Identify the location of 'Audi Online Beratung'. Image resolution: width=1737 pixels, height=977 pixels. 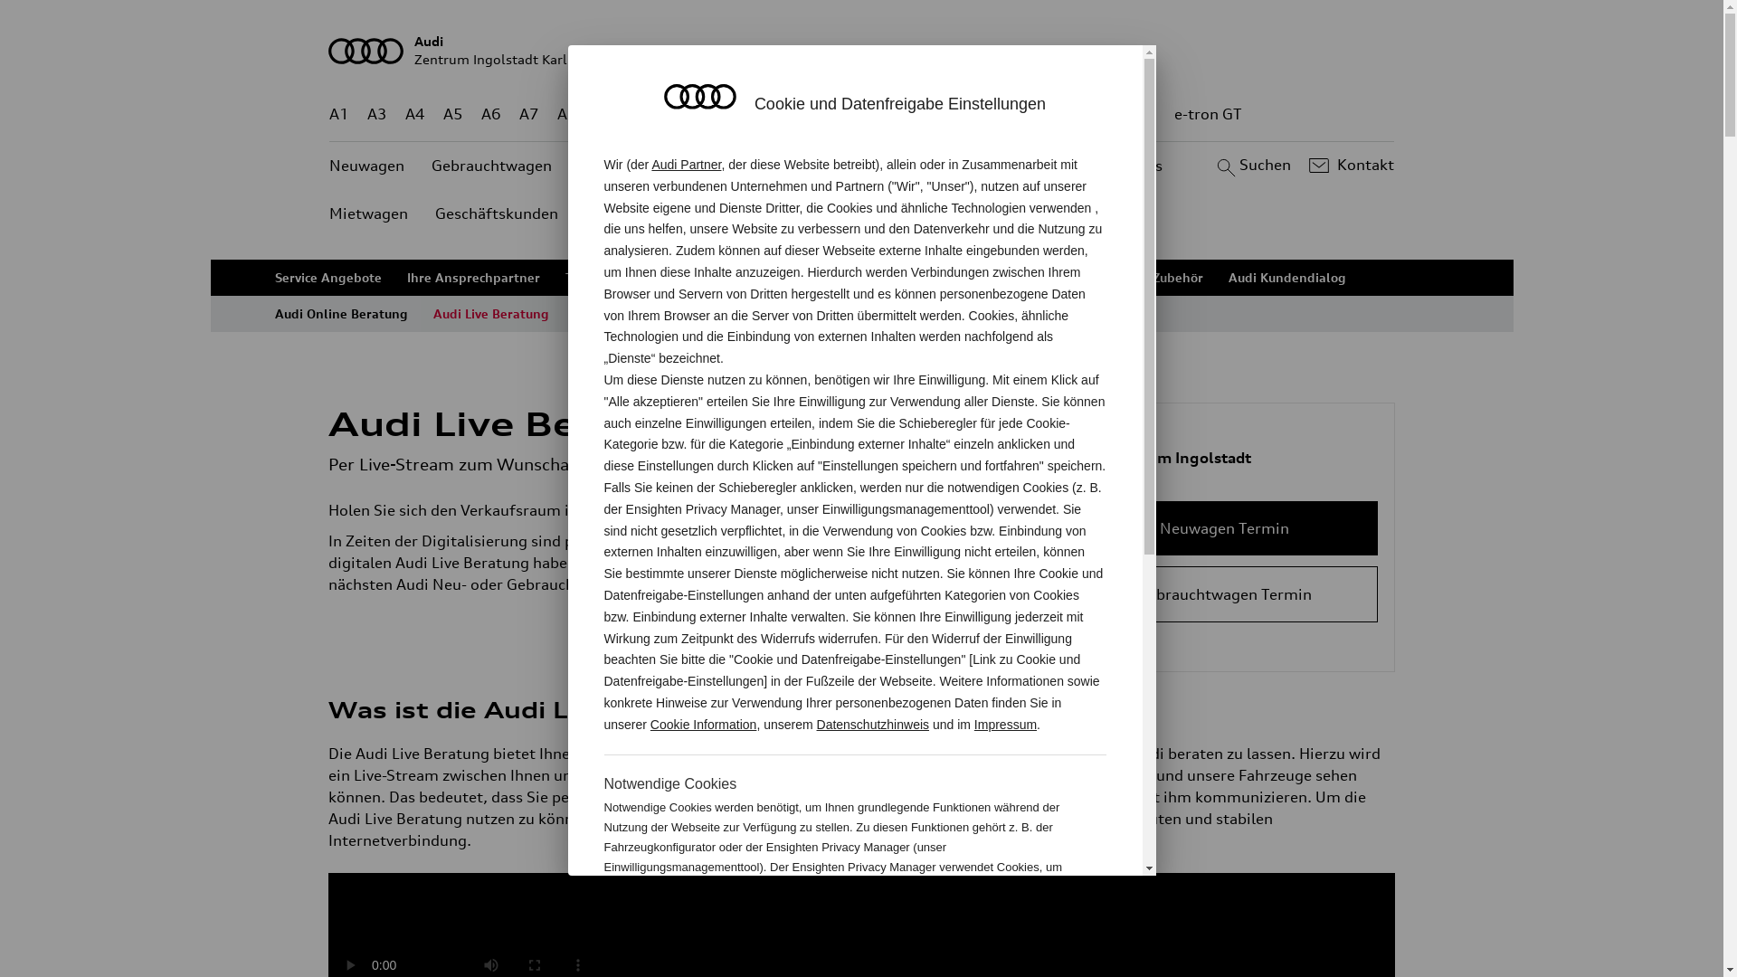
(341, 313).